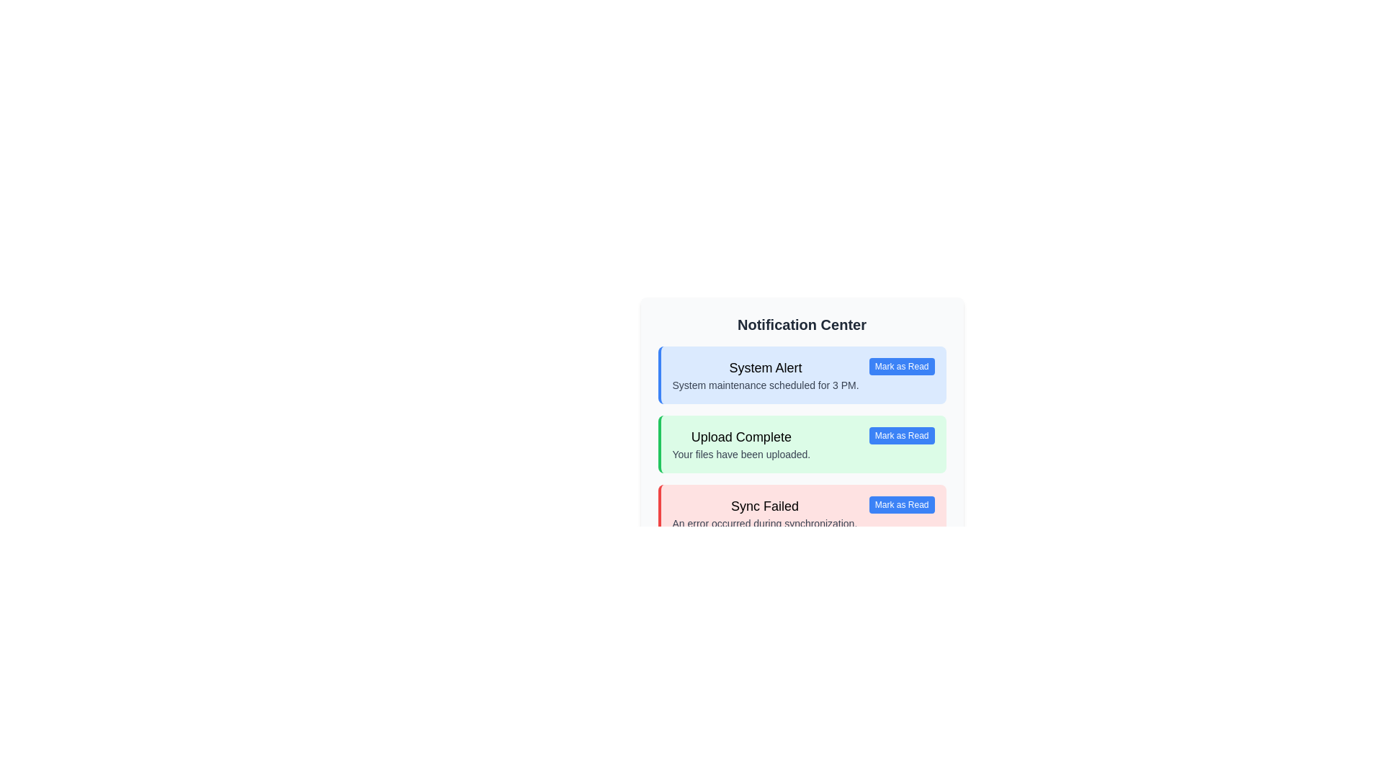 The height and width of the screenshot is (778, 1383). I want to click on the Notification message component that informs the user about a synchronization failure, located at the bottom of the list in the Notification Center UI, so click(764, 513).